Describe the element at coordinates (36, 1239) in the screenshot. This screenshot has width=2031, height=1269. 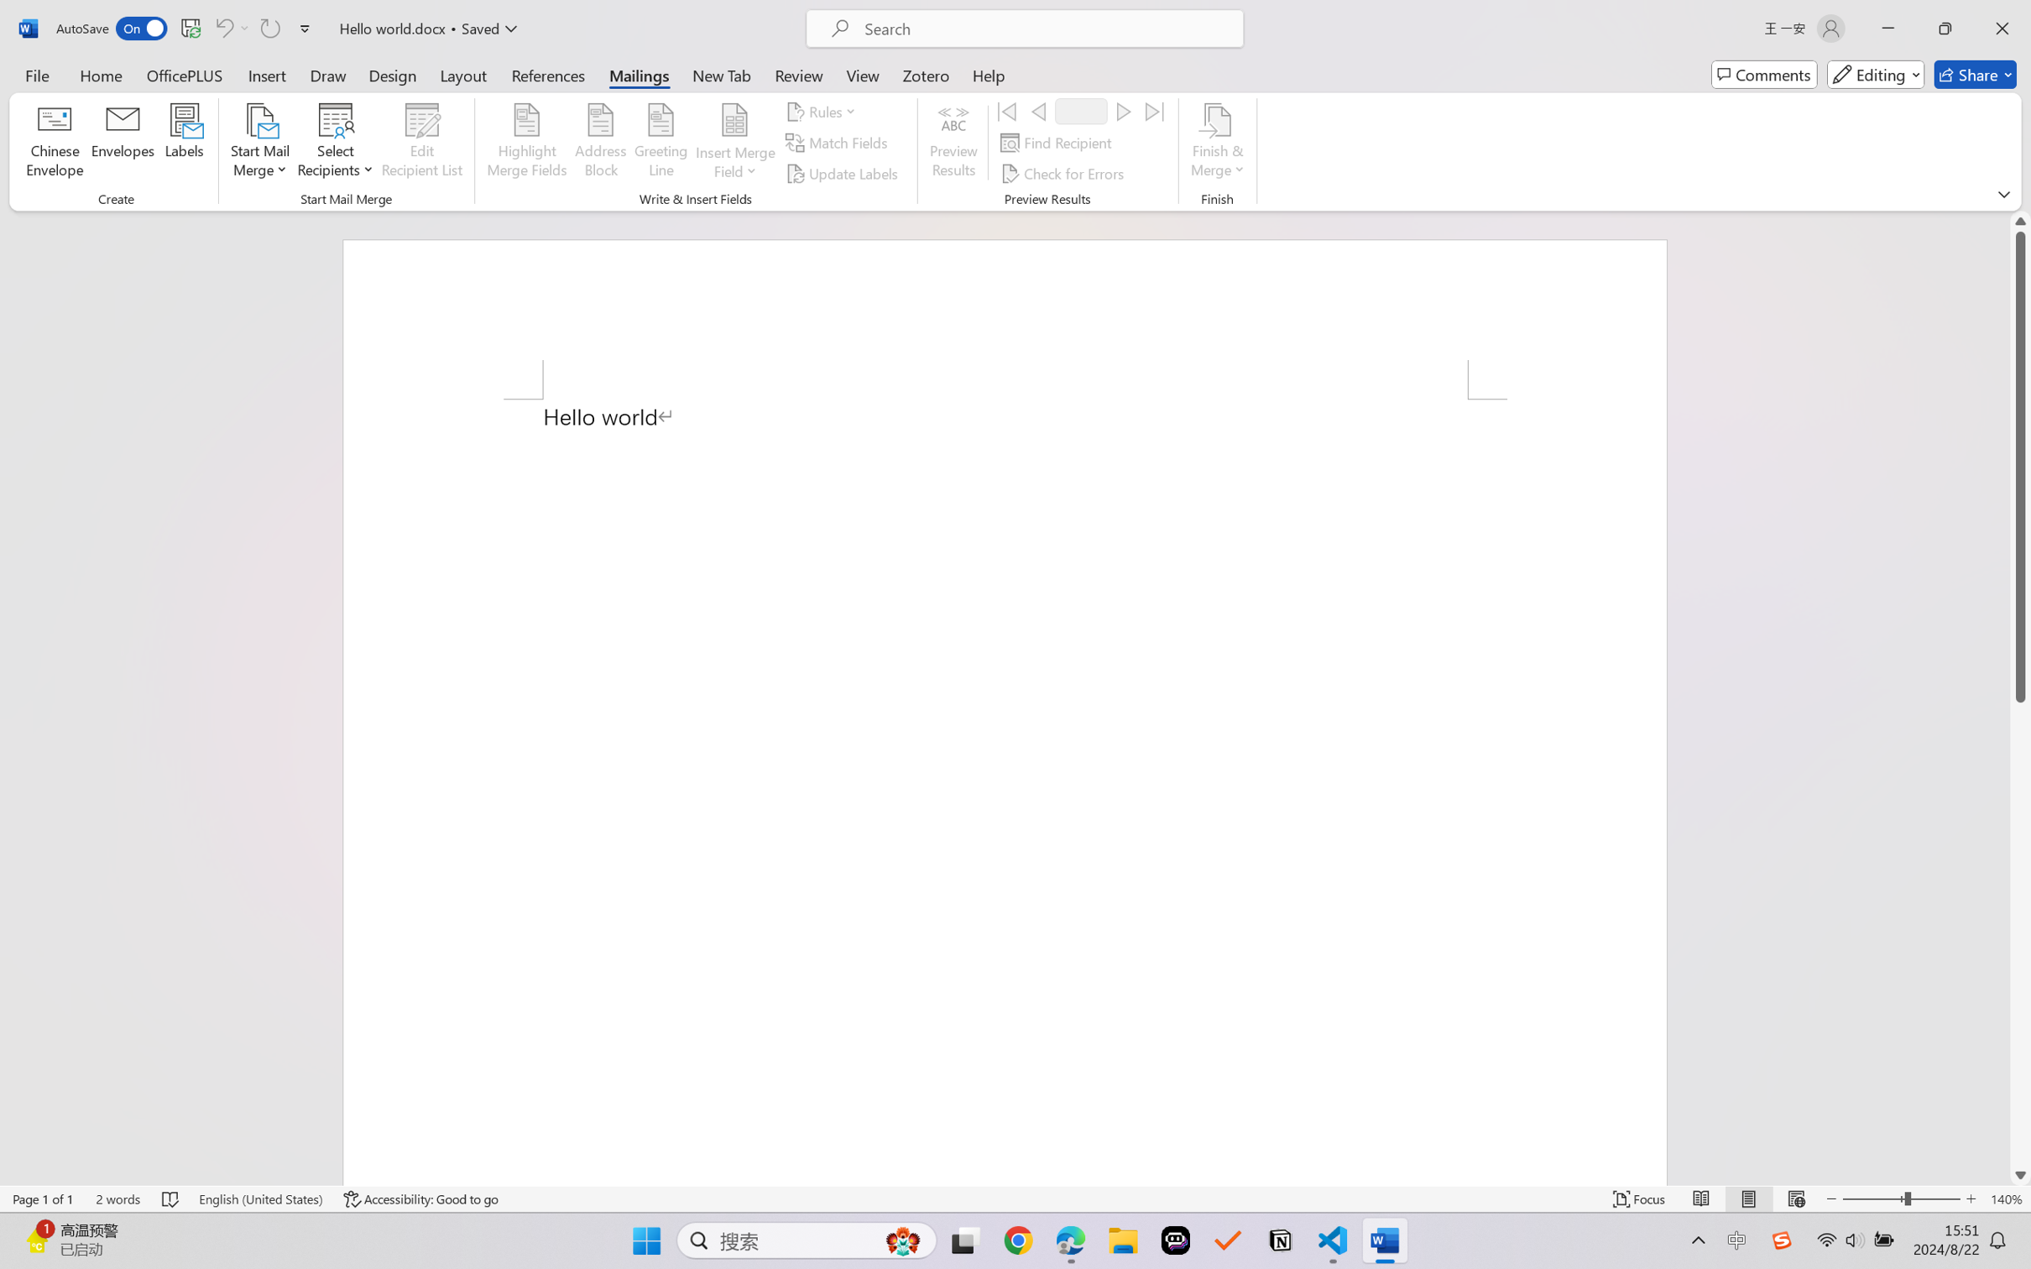
I see `'AutomationID: BadgeAnchorLargeTicker'` at that location.